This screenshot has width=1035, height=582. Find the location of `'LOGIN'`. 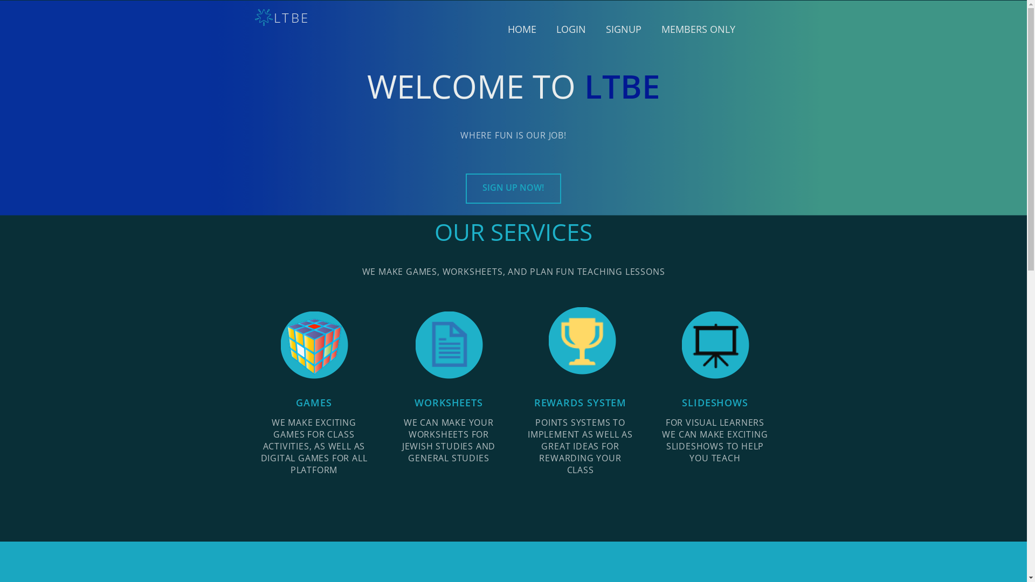

'LOGIN' is located at coordinates (570, 29).